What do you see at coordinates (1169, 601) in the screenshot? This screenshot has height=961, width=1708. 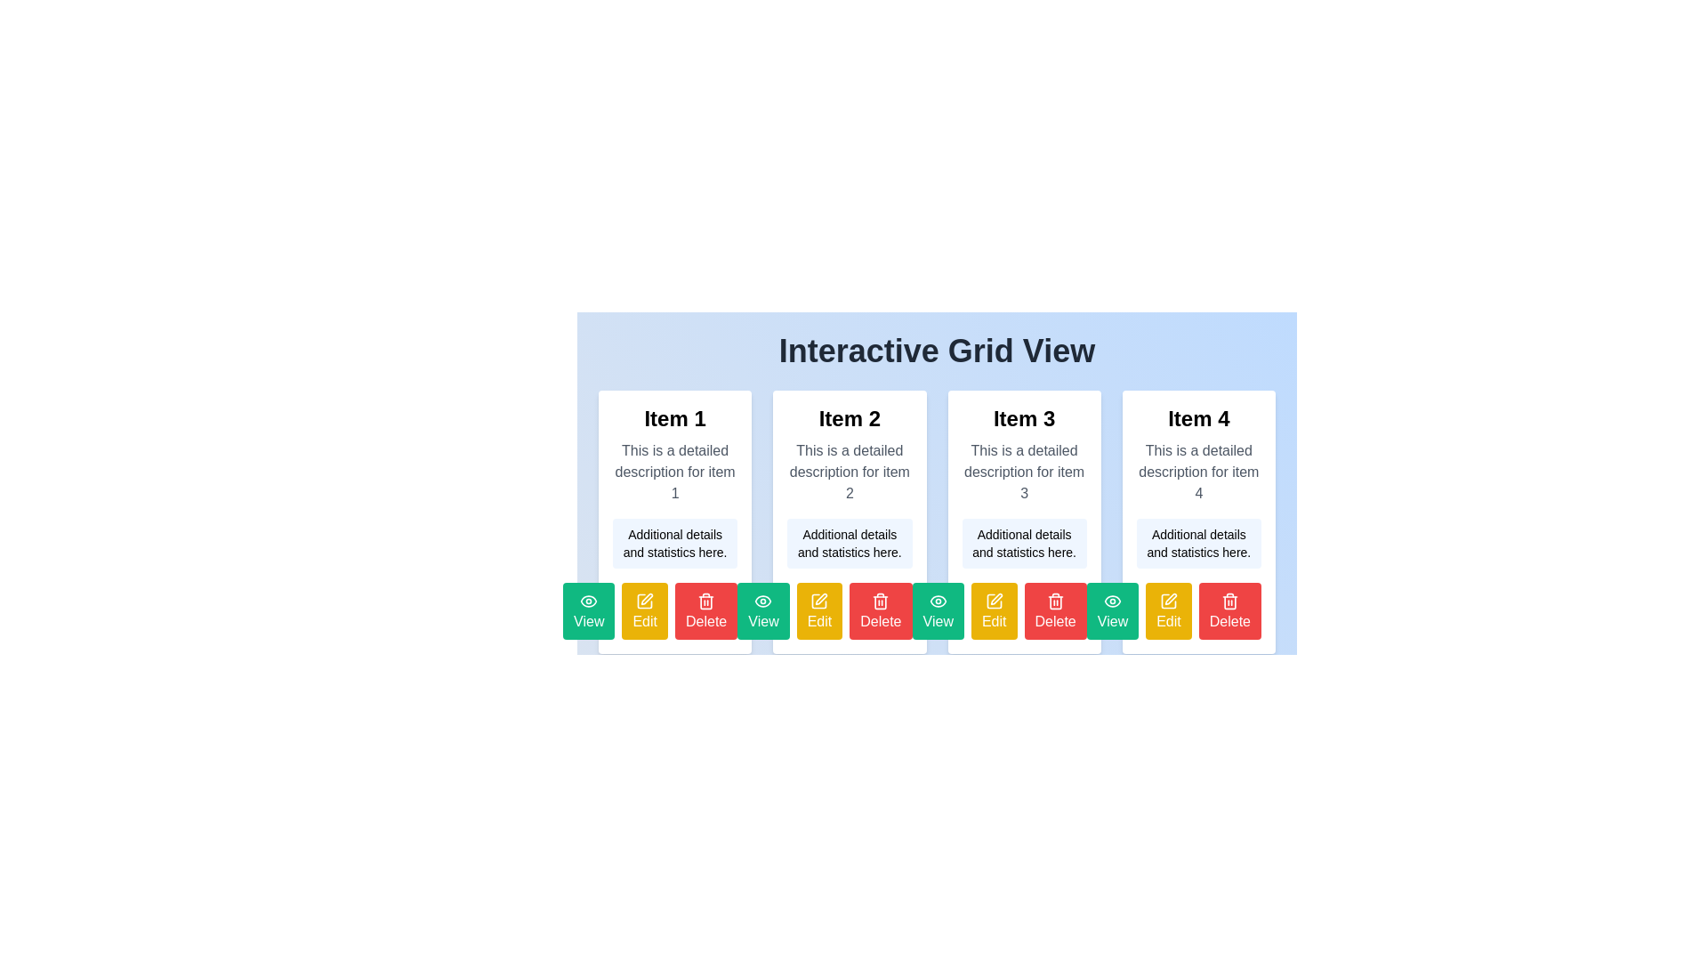 I see `the small square icon representing an action, which is the first graphical shape in the Grid View layout under Item 4` at bounding box center [1169, 601].